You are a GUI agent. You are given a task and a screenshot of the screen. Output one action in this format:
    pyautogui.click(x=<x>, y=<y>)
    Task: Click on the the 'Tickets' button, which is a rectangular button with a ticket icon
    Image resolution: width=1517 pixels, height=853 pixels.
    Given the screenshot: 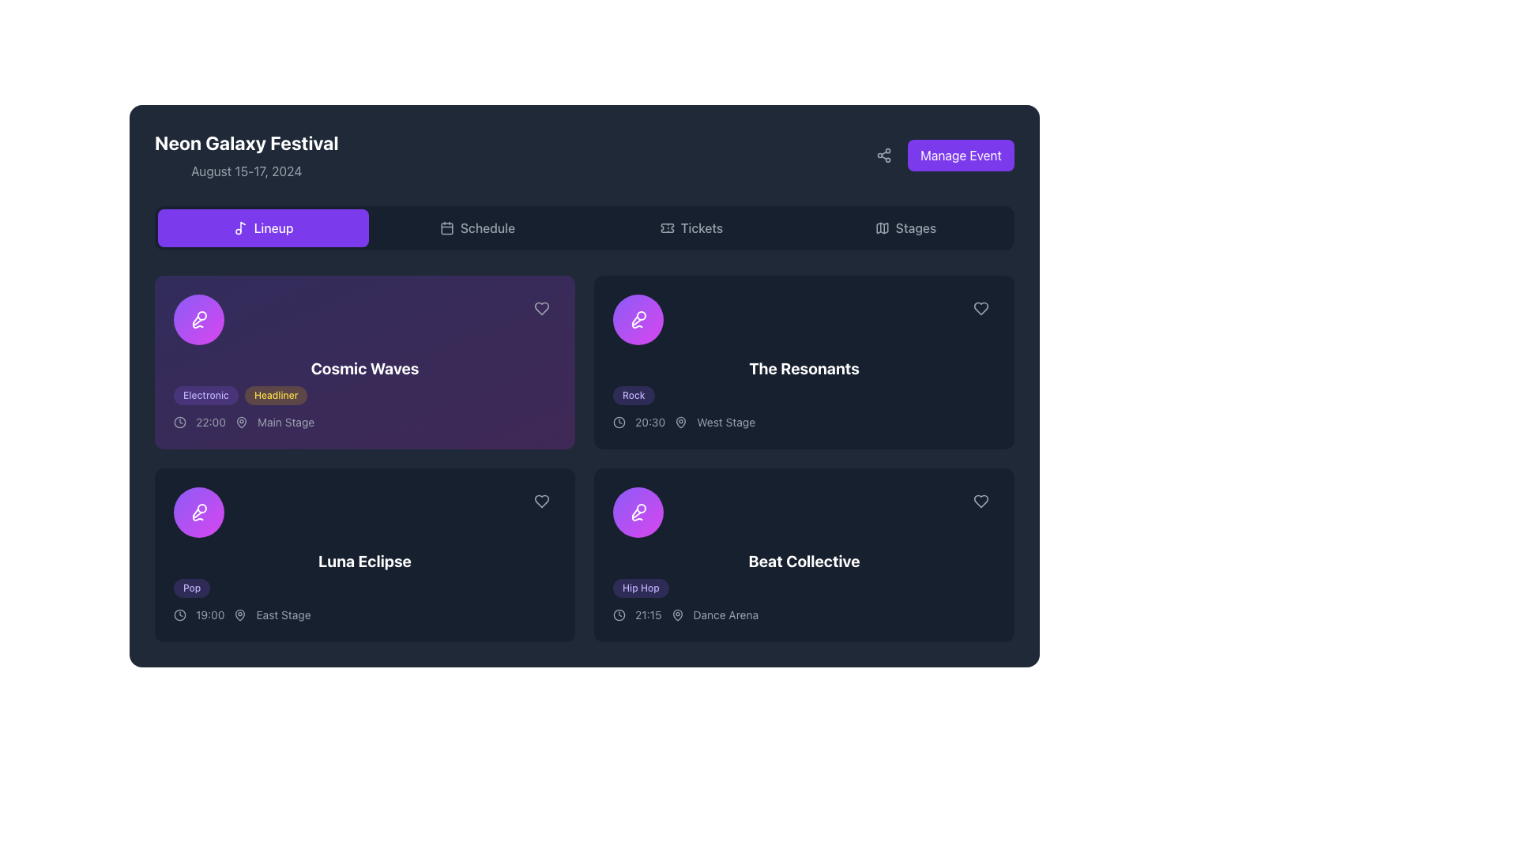 What is the action you would take?
    pyautogui.click(x=691, y=228)
    